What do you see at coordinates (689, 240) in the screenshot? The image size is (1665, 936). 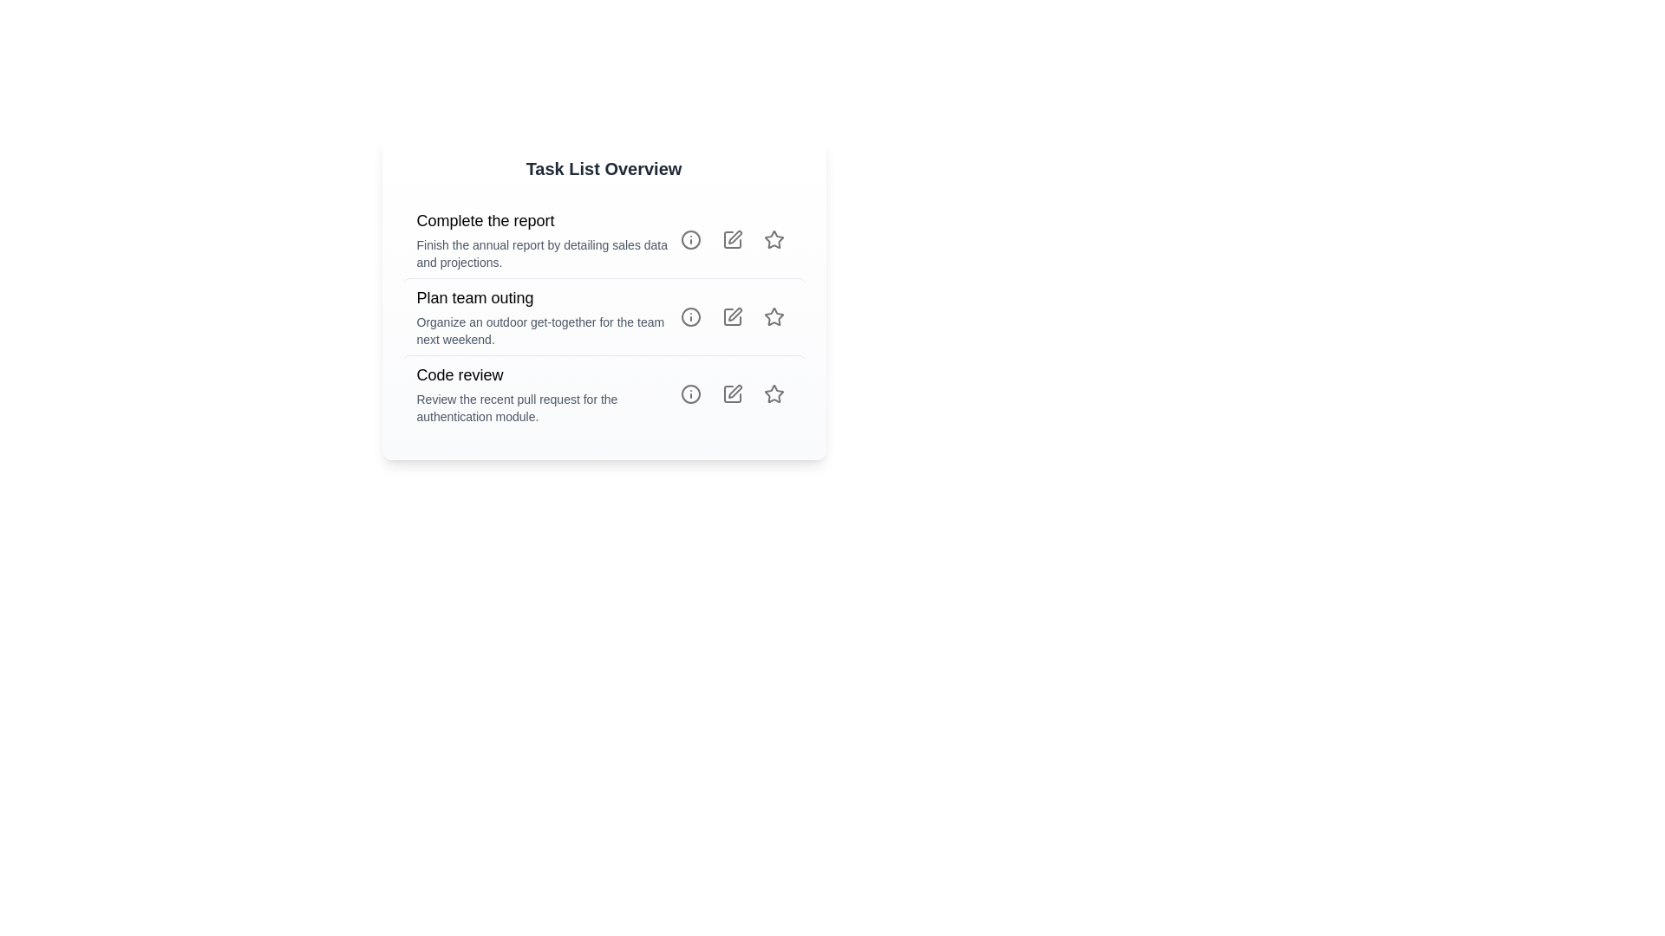 I see `the SVG Circle element that is part of the information icon associated with the 'Complete the report' task` at bounding box center [689, 240].